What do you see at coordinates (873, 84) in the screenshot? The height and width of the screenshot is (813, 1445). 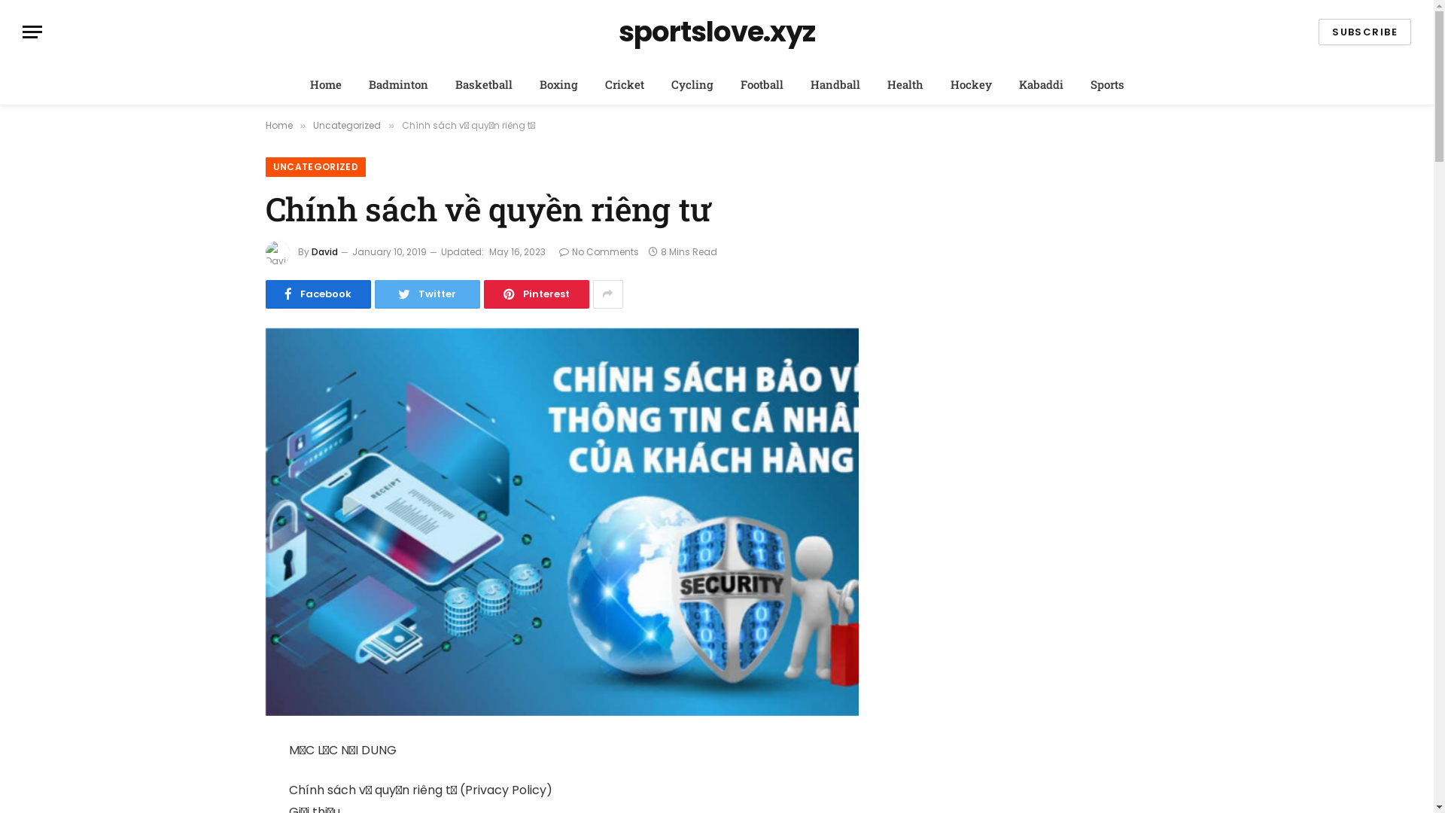 I see `'Health'` at bounding box center [873, 84].